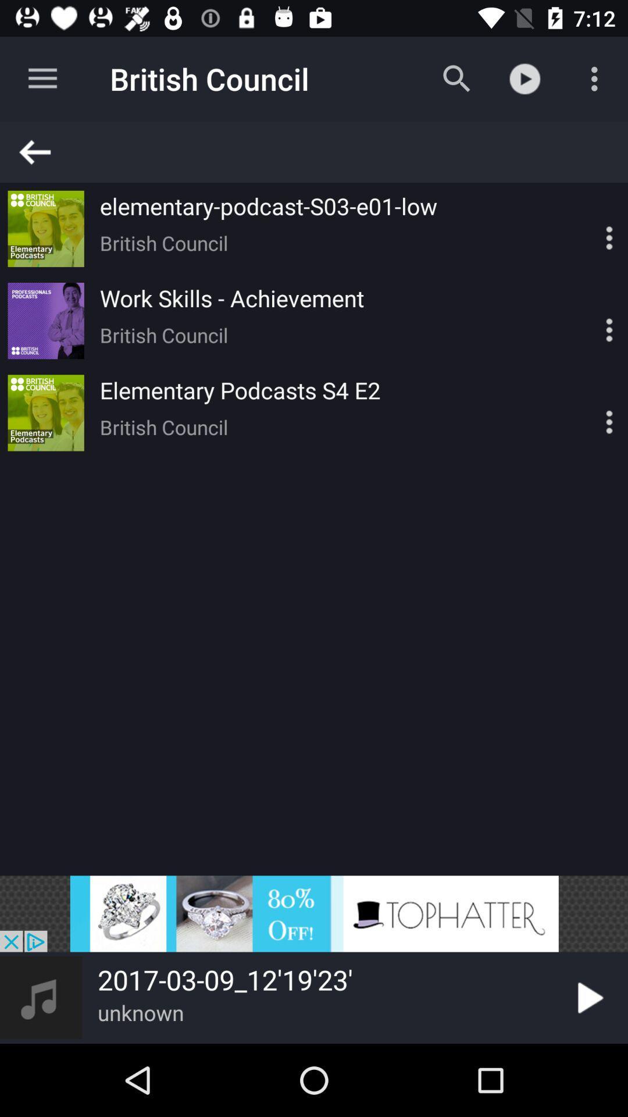 The height and width of the screenshot is (1117, 628). Describe the element at coordinates (319, 151) in the screenshot. I see `back button` at that location.